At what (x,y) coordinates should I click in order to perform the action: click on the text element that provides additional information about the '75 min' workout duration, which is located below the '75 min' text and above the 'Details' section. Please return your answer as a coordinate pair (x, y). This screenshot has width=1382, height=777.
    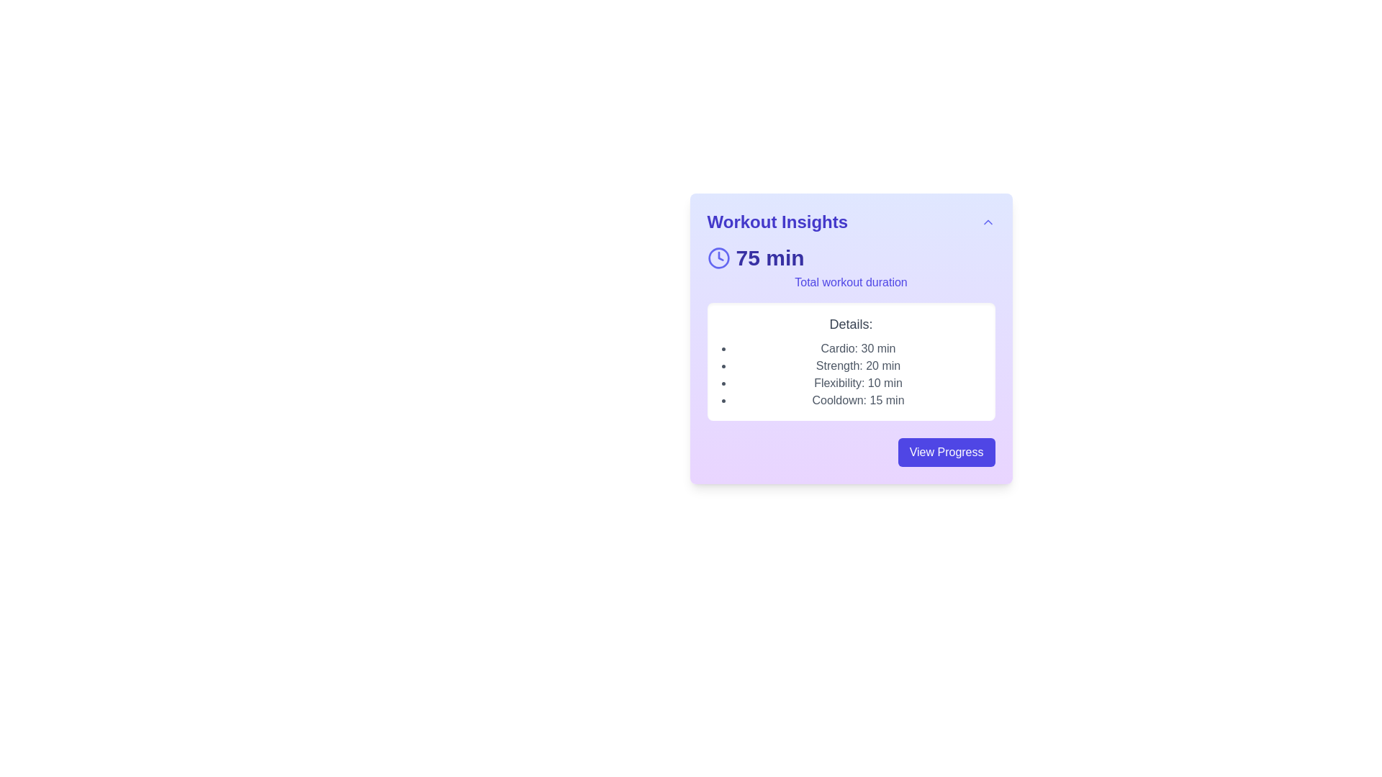
    Looking at the image, I should click on (851, 283).